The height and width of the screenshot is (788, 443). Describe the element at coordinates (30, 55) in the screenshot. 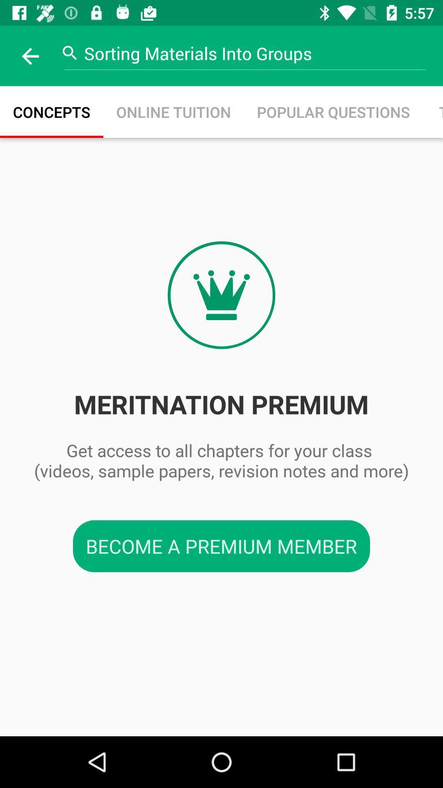

I see `the icon above the concepts` at that location.